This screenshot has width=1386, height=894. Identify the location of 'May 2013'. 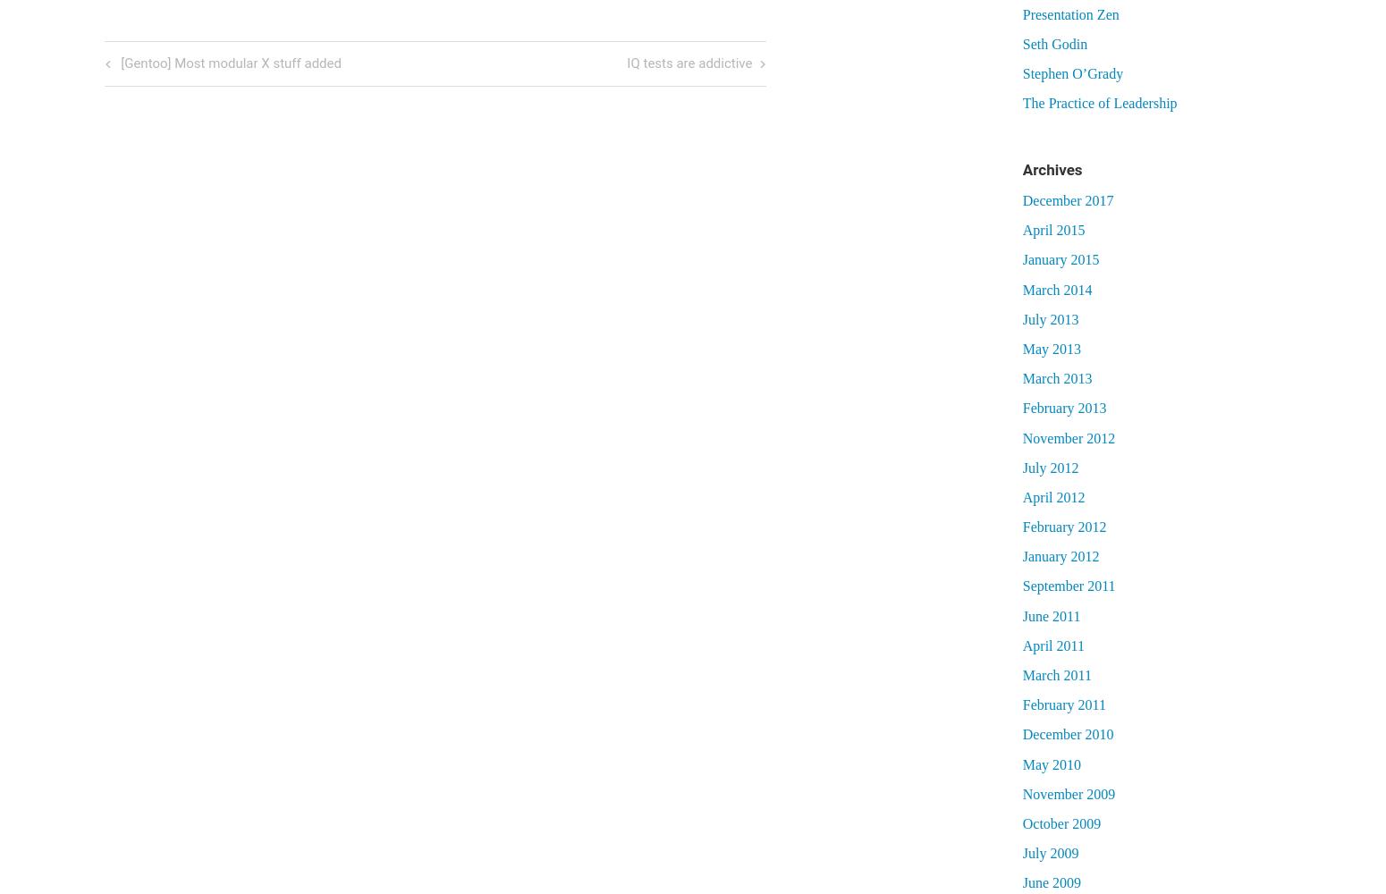
(1051, 348).